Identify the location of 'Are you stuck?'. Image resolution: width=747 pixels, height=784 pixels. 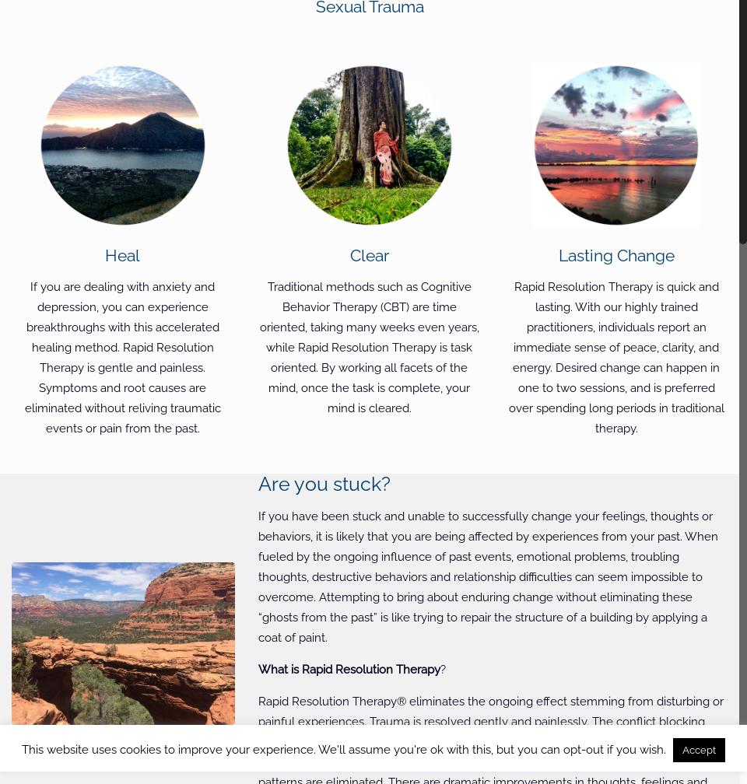
(324, 484).